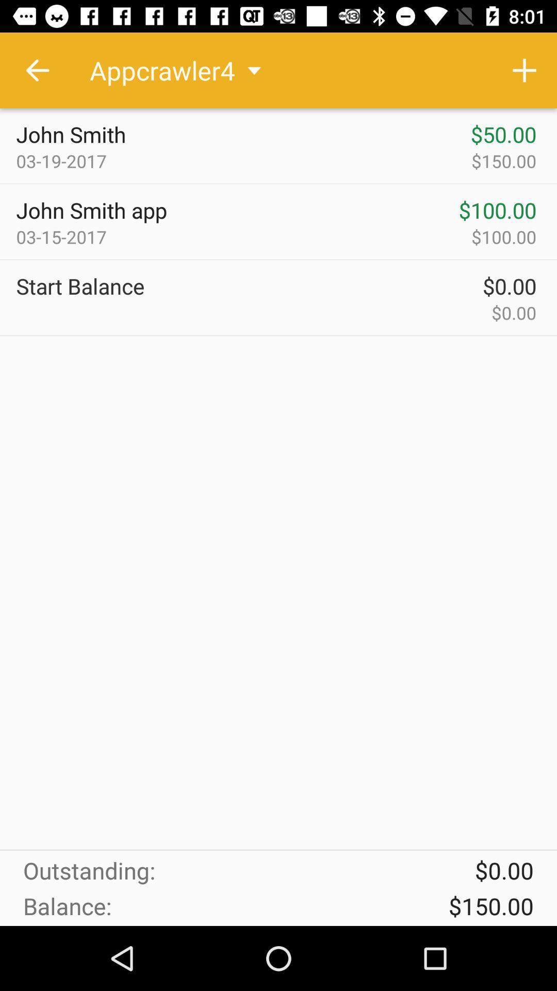  I want to click on app above $50.00 app, so click(525, 70).